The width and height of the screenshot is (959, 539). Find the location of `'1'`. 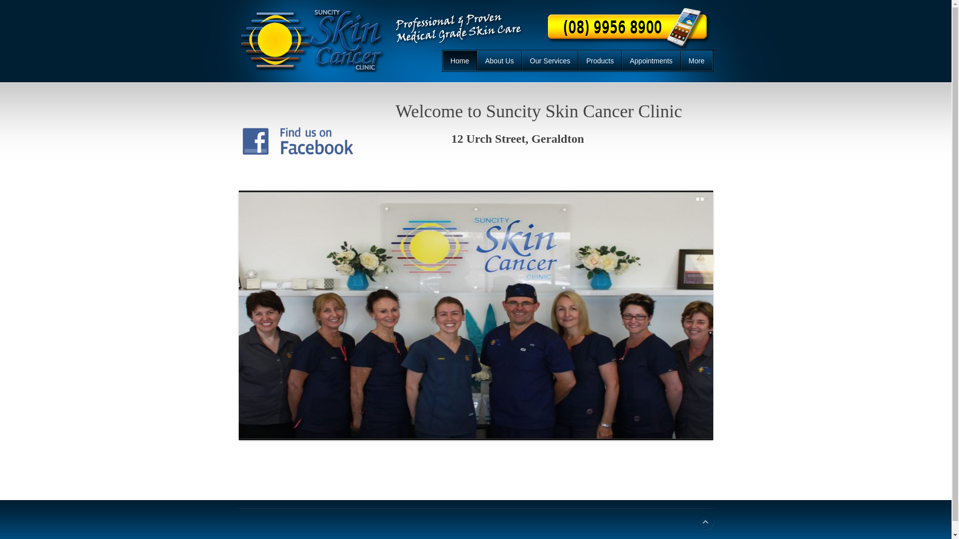

'1' is located at coordinates (697, 199).